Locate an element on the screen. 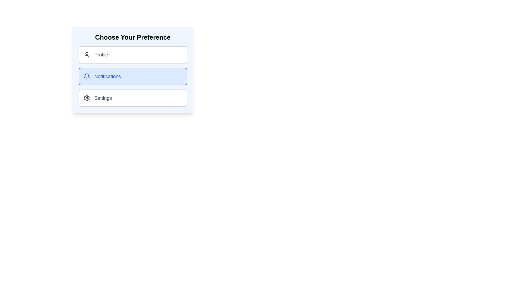 The height and width of the screenshot is (293, 521). the Profile icon located to the left of the Profile button, serving as a visual indicator for the Profile option is located at coordinates (86, 55).